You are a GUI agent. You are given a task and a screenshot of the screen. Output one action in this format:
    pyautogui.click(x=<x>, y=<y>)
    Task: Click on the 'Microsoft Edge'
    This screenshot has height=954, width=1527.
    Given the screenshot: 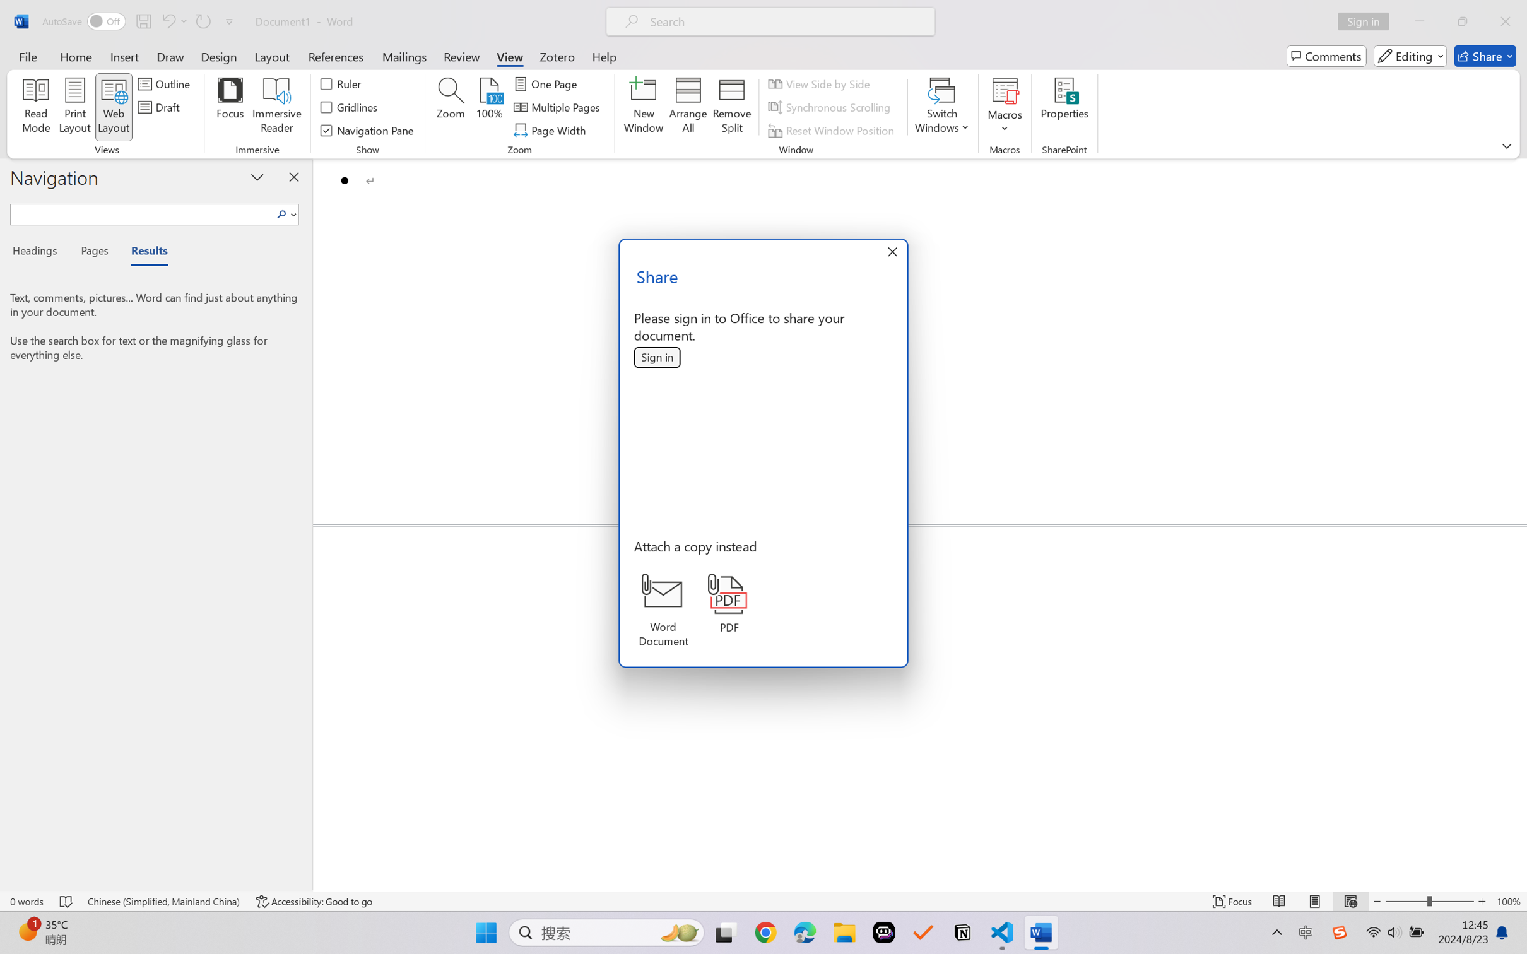 What is the action you would take?
    pyautogui.click(x=805, y=933)
    